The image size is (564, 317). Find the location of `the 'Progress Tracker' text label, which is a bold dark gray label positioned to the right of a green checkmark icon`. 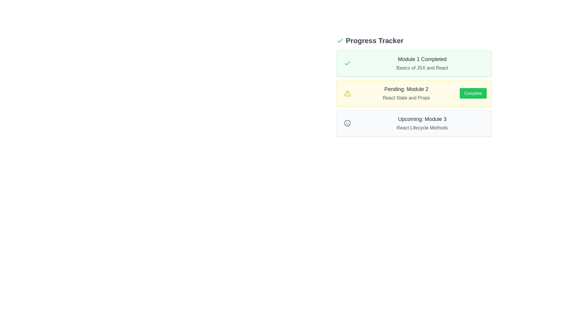

the 'Progress Tracker' text label, which is a bold dark gray label positioned to the right of a green checkmark icon is located at coordinates (374, 40).